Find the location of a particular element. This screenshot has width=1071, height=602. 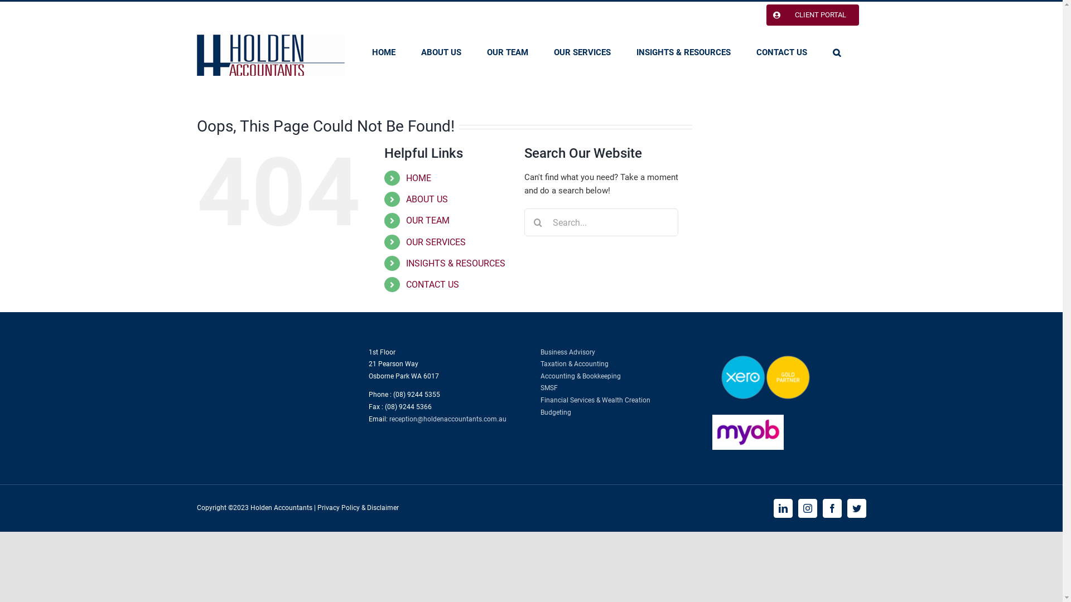

'OUR TEAM' is located at coordinates (427, 220).